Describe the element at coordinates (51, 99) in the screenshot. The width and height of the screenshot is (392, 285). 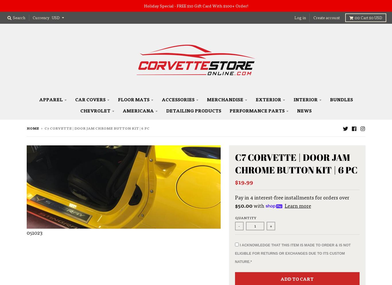
I see `'Apparel'` at that location.